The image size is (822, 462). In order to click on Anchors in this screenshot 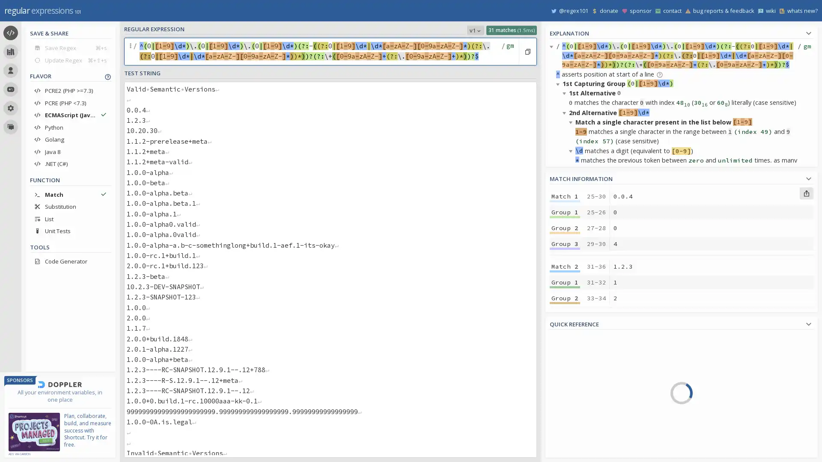, I will do `click(590, 391)`.